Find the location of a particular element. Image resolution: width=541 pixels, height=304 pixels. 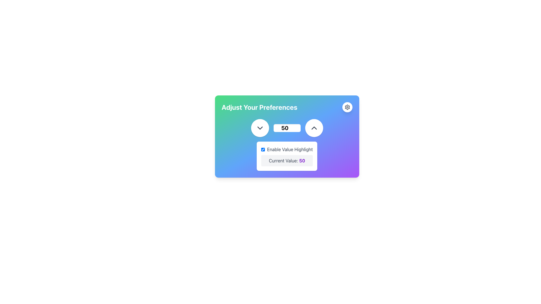

the triangular chevron icon that is part of the button-like component, located to the left of the number input field displaying '50' is located at coordinates (314, 128).